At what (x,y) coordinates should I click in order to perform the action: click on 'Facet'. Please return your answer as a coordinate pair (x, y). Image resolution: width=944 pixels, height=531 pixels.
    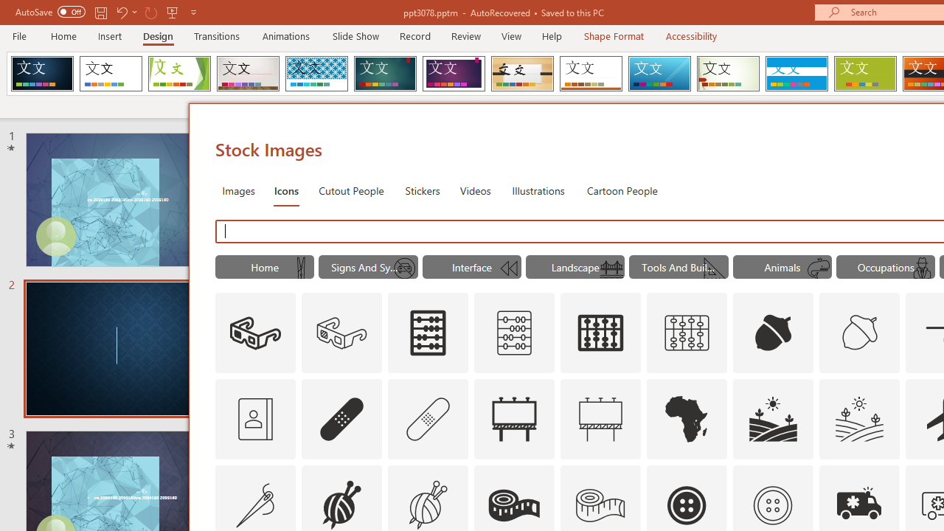
    Looking at the image, I should click on (178, 74).